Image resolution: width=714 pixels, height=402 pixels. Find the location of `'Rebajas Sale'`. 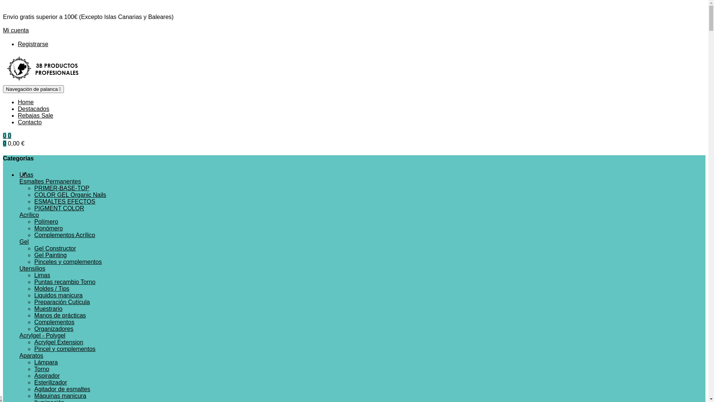

'Rebajas Sale' is located at coordinates (35, 115).